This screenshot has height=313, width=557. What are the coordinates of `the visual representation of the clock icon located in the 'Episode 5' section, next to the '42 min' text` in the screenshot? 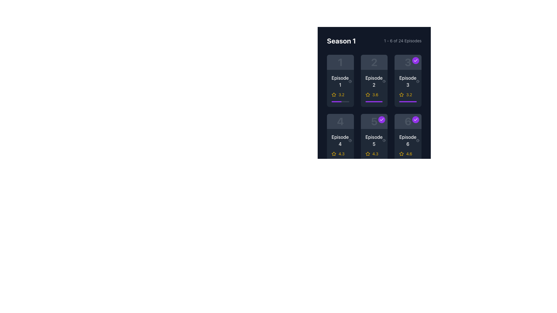 It's located at (384, 141).